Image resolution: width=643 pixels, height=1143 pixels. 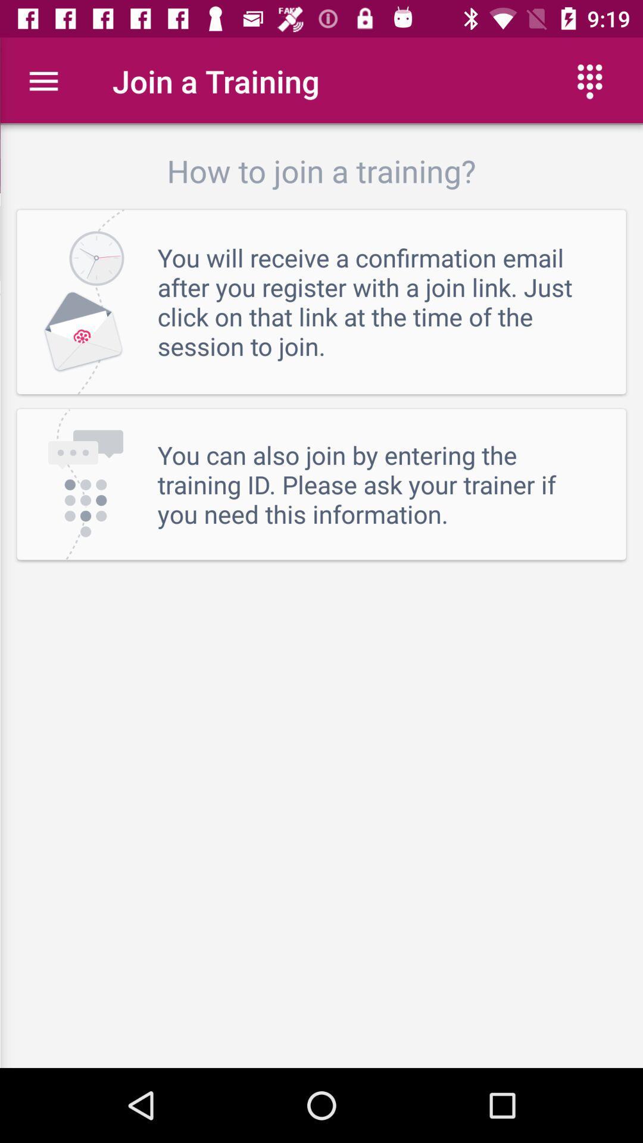 What do you see at coordinates (43, 80) in the screenshot?
I see `icon to the left of the join a training icon` at bounding box center [43, 80].